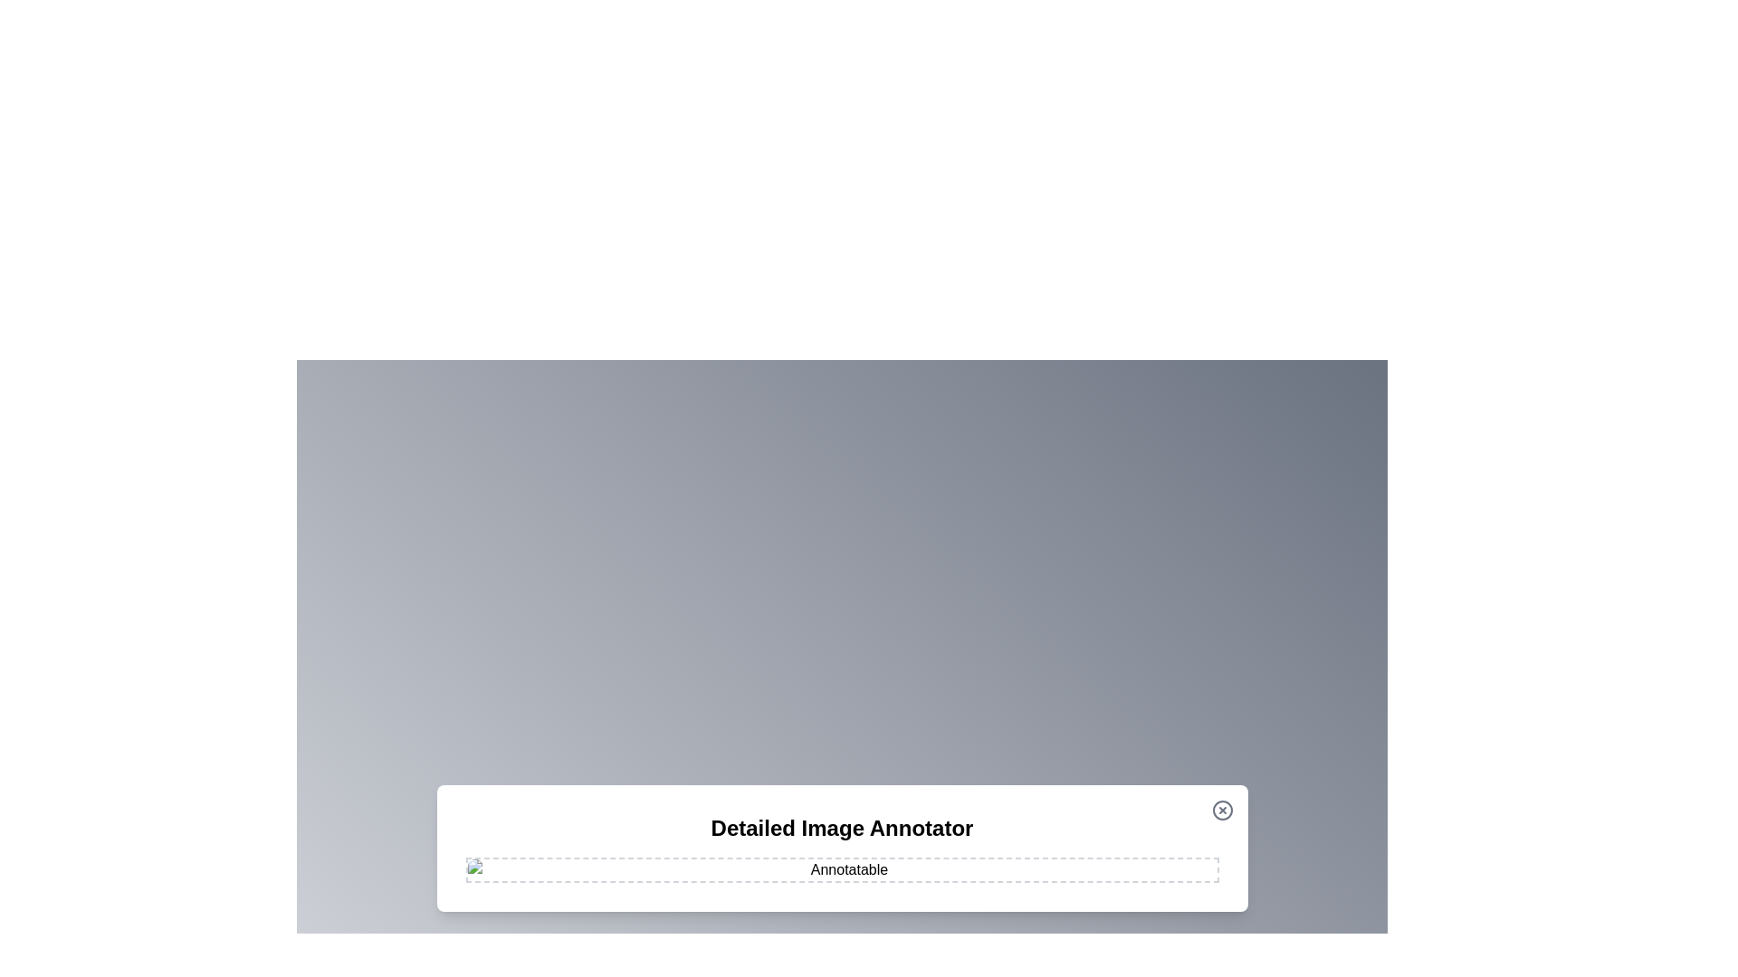  Describe the element at coordinates (968, 865) in the screenshot. I see `the image at coordinates (1070, 958) to add an annotation` at that location.